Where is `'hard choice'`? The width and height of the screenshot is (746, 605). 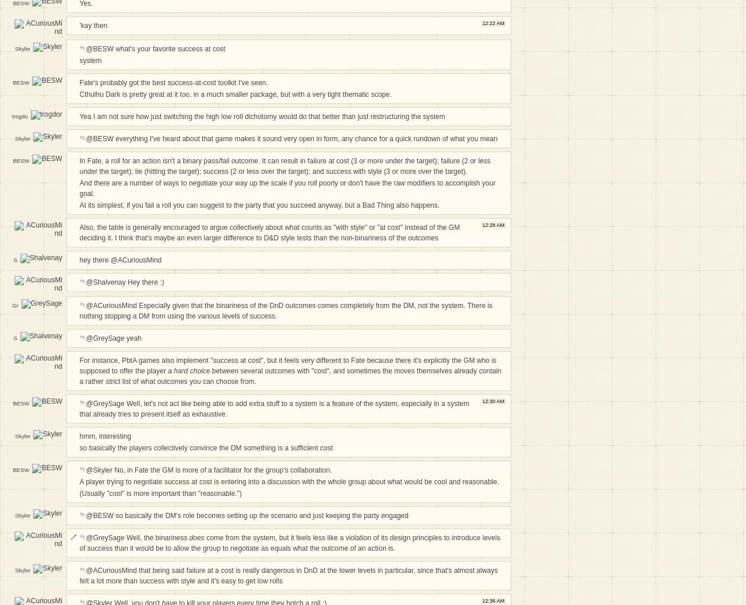
'hard choice' is located at coordinates (191, 370).